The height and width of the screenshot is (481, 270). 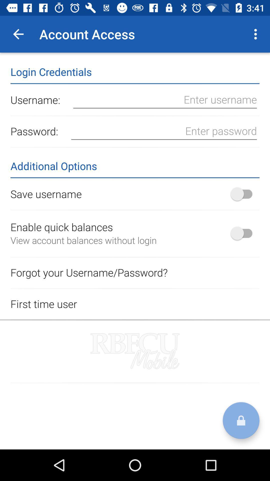 What do you see at coordinates (241, 420) in the screenshot?
I see `the lock icon` at bounding box center [241, 420].